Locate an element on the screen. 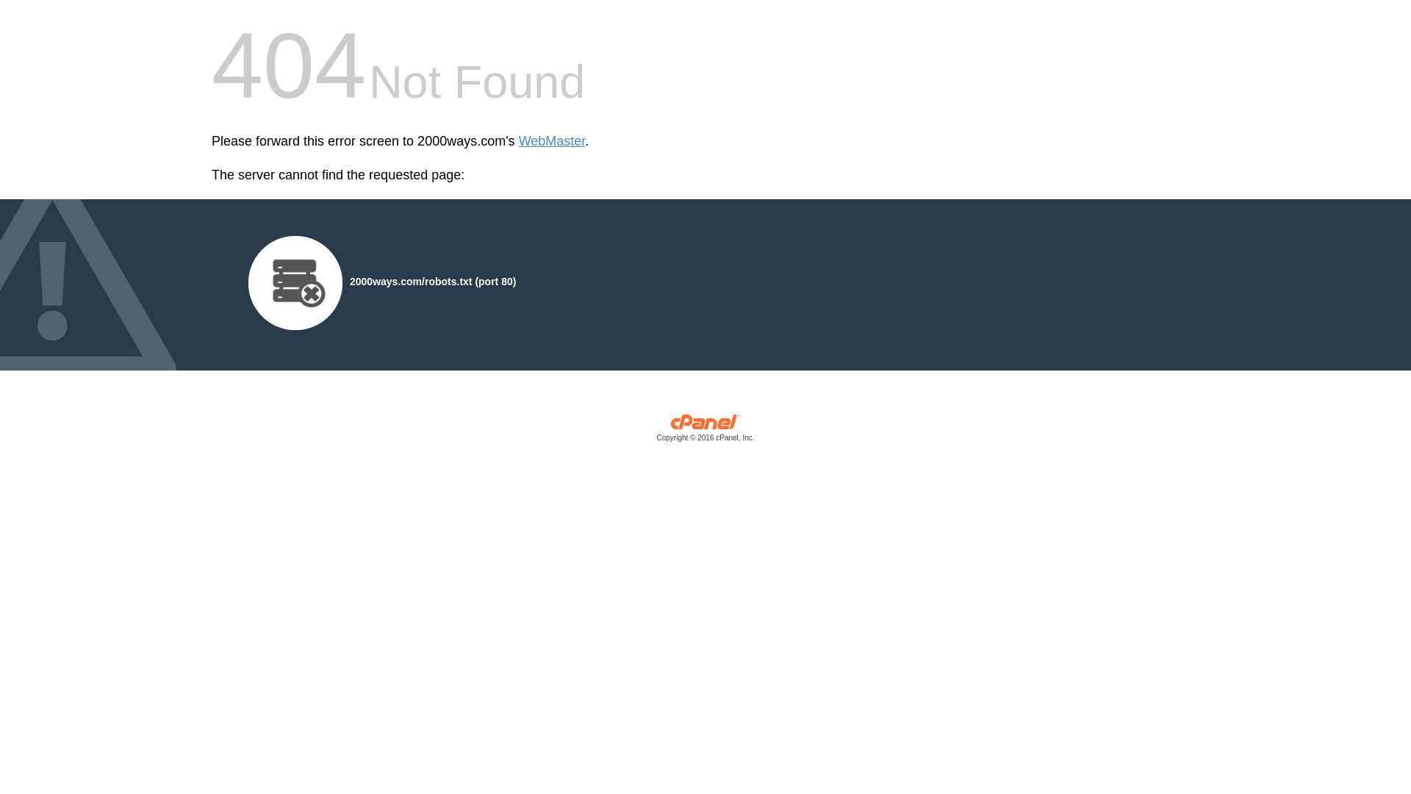 The height and width of the screenshot is (794, 1411). 'WebMaster' is located at coordinates (551, 141).